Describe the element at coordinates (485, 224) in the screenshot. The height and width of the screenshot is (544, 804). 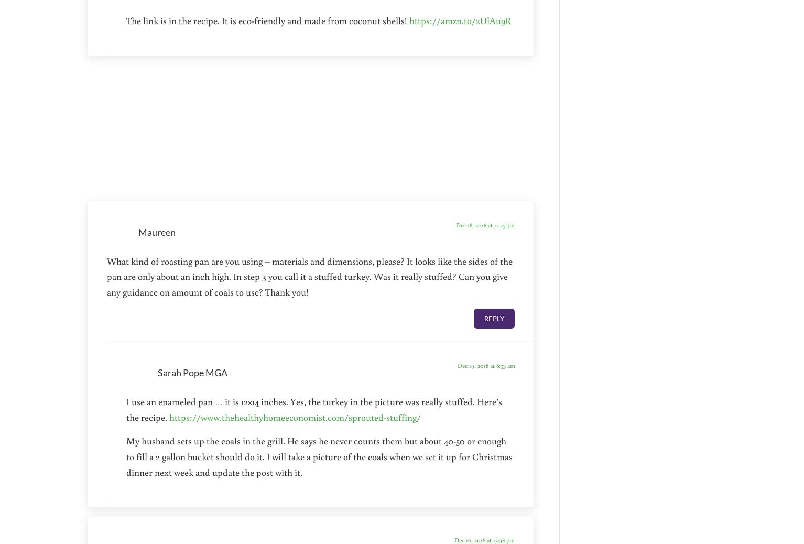
I see `'Dec 18, 2018 at 11:14 pm'` at that location.